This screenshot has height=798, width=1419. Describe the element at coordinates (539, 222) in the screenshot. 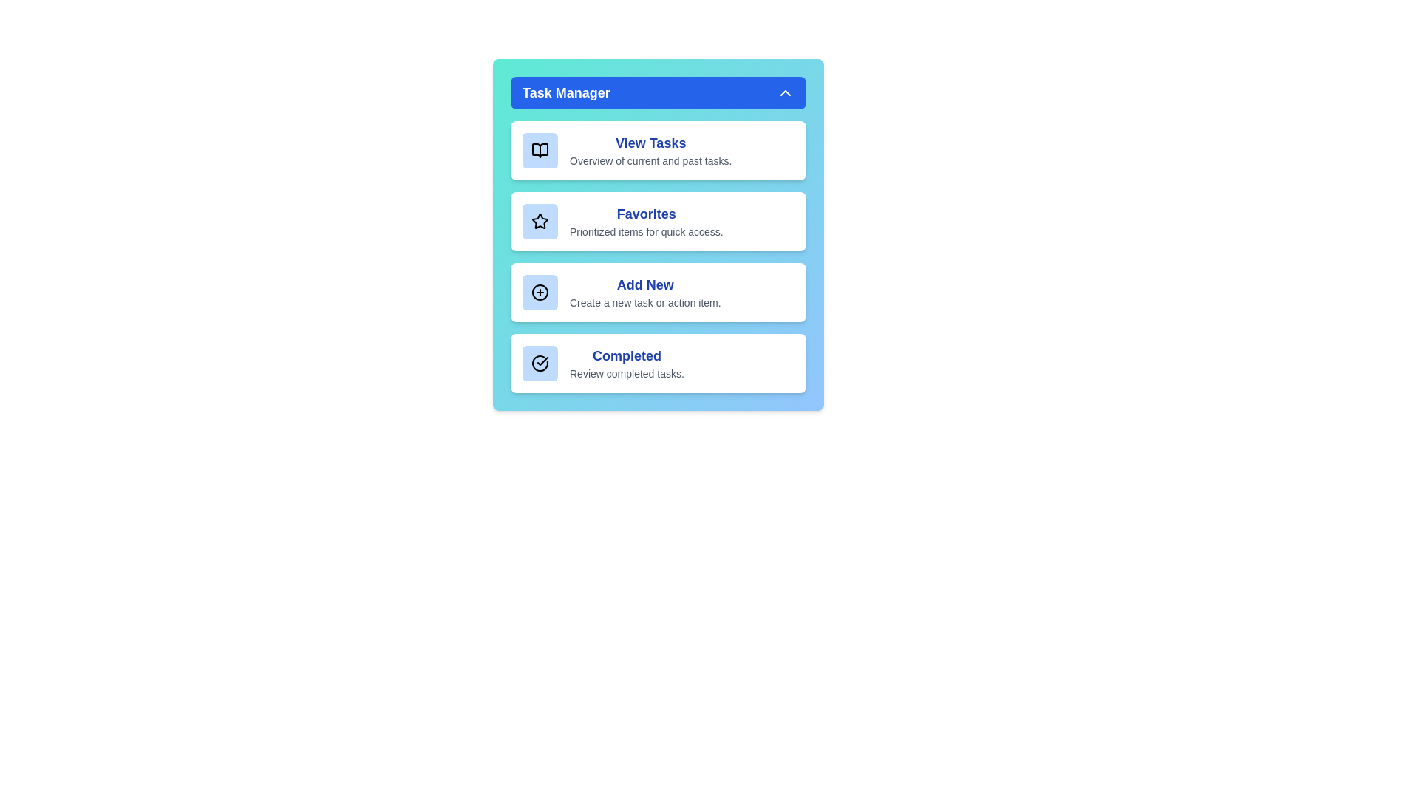

I see `the icon associated with the Favorites list item` at that location.